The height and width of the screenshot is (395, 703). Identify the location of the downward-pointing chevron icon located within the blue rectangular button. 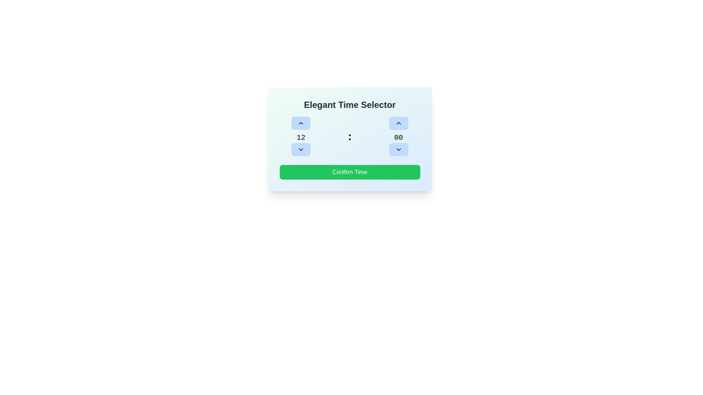
(398, 149).